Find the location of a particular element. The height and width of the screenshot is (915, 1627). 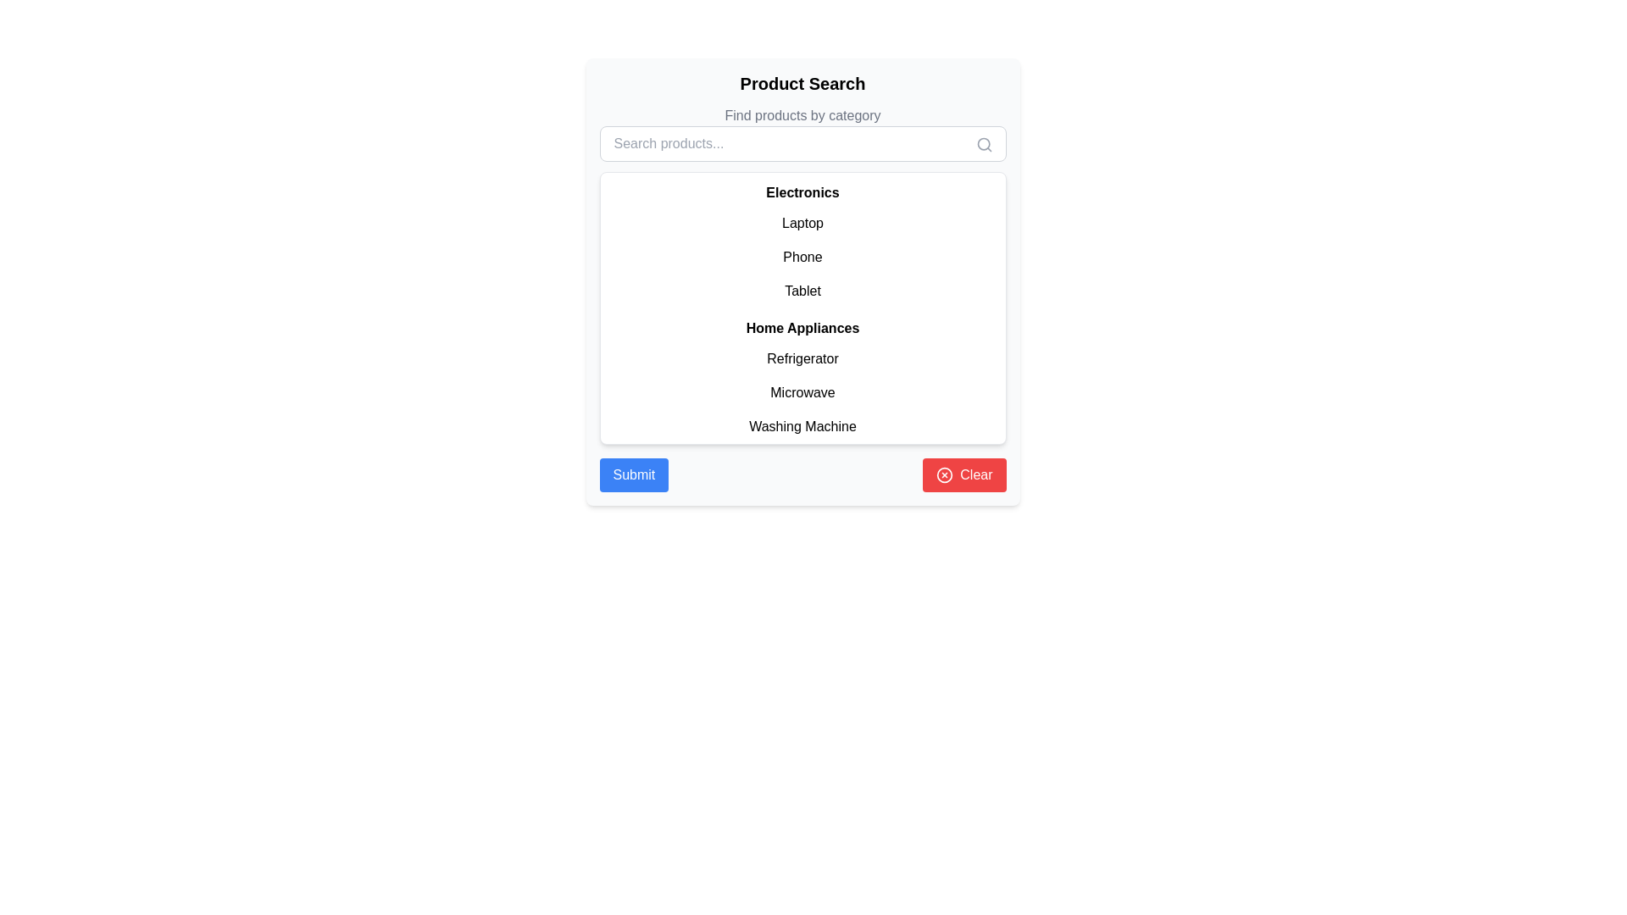

the circular element within the SVG icon located near the top right corner of the application interface, adjacent to the 'Clear' button is located at coordinates (944, 474).